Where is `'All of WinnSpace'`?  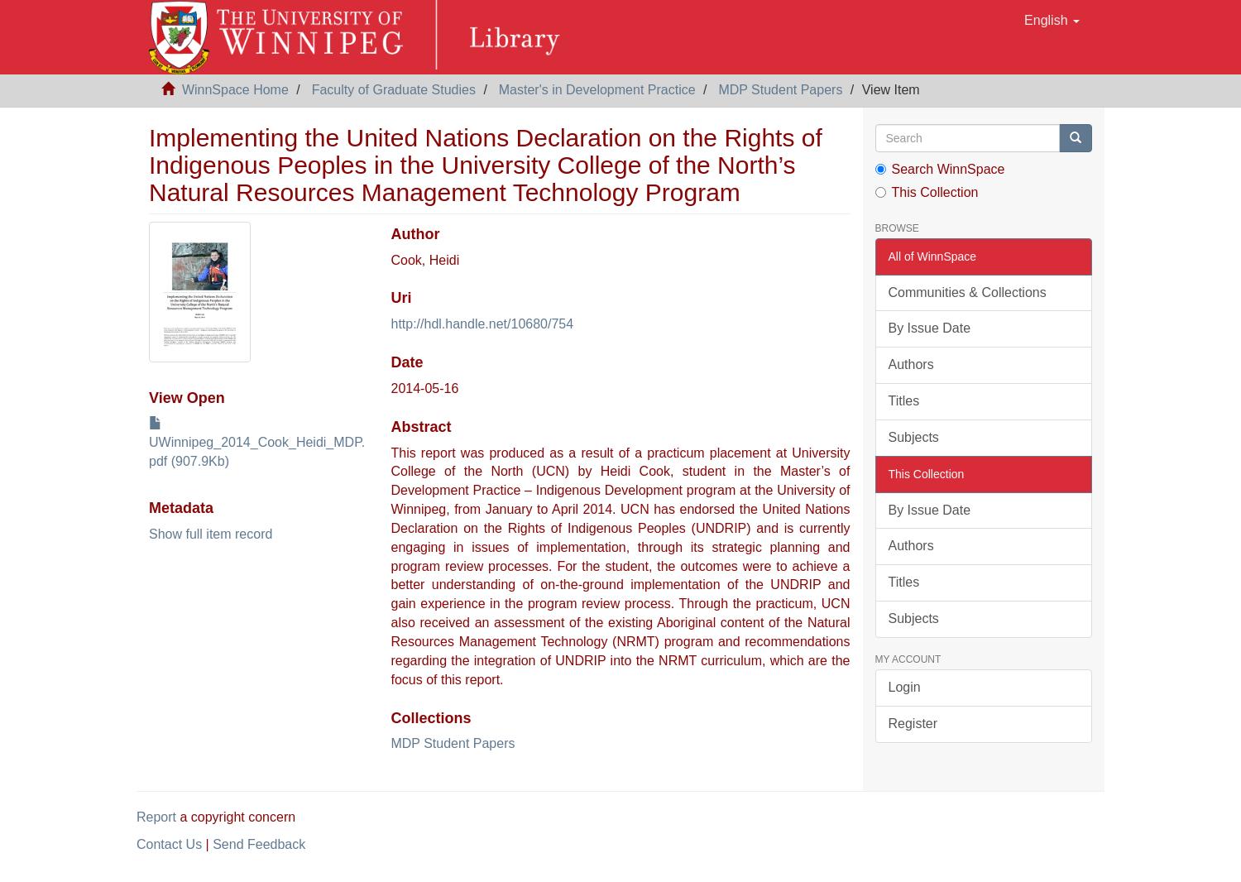 'All of WinnSpace' is located at coordinates (932, 256).